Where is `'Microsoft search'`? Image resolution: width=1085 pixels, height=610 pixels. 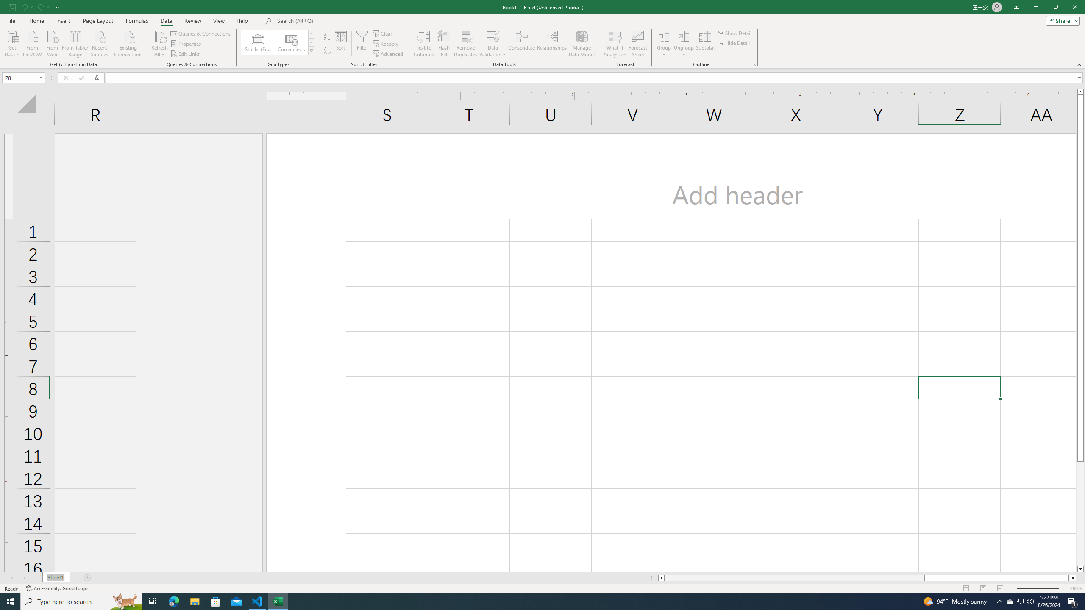
'Microsoft search' is located at coordinates (335, 21).